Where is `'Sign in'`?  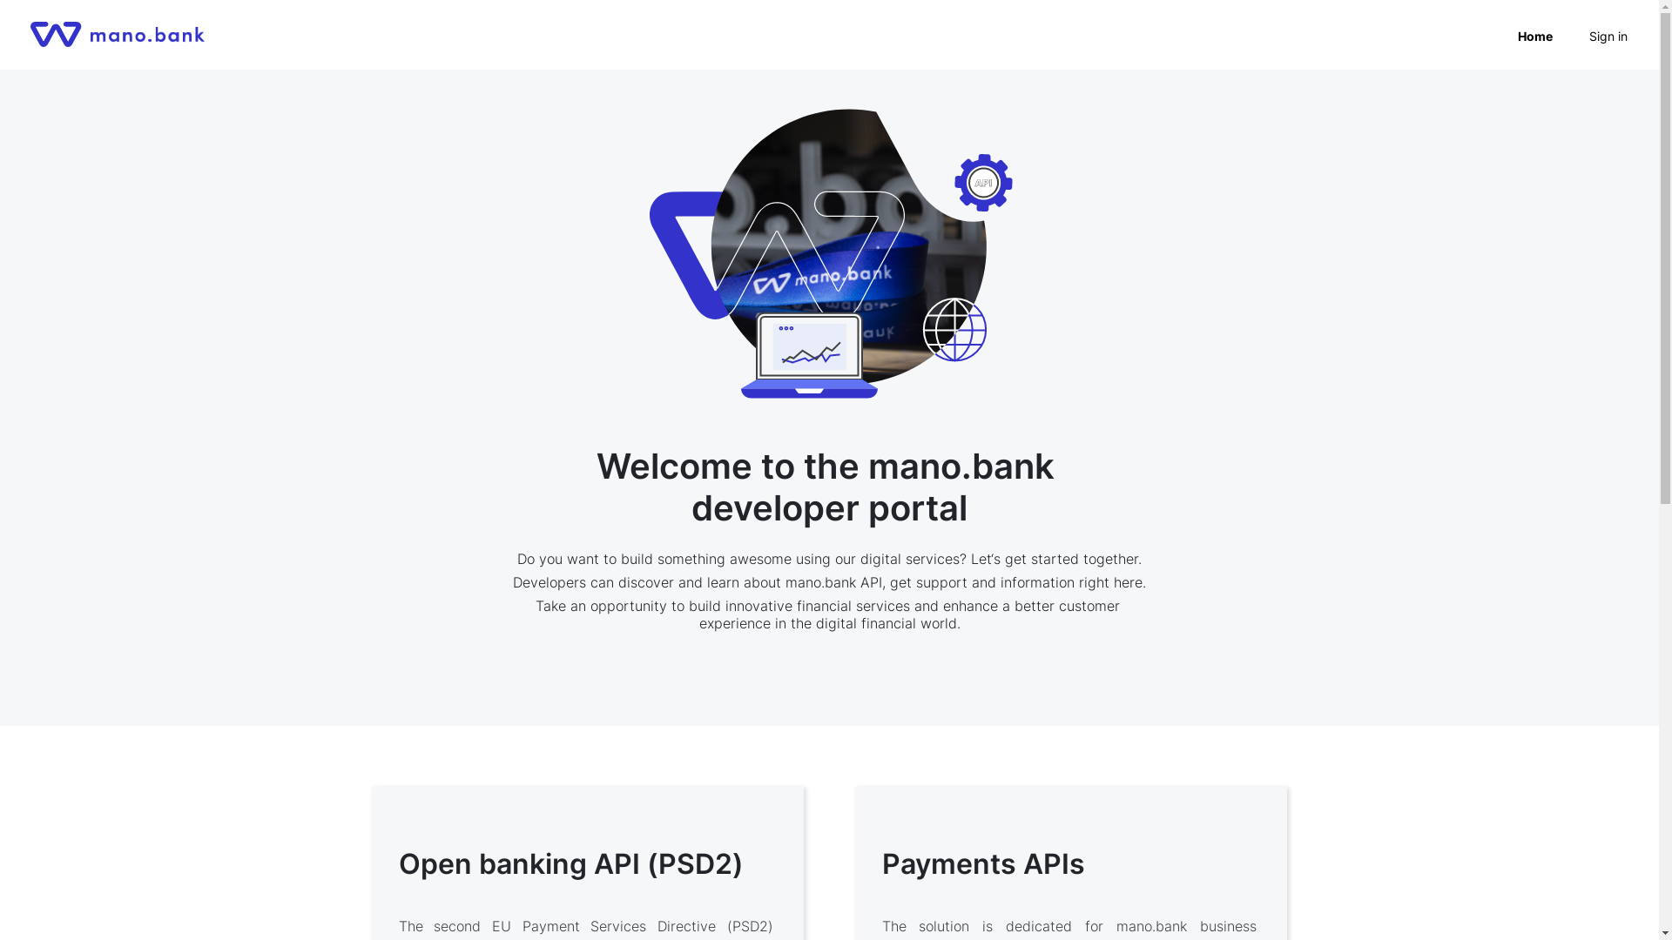 'Sign in' is located at coordinates (1608, 36).